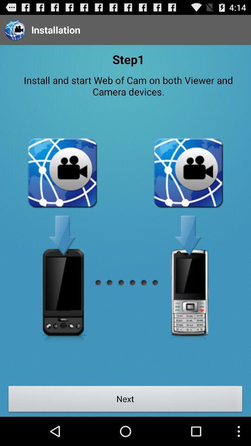 Image resolution: width=251 pixels, height=446 pixels. What do you see at coordinates (125, 400) in the screenshot?
I see `next` at bounding box center [125, 400].